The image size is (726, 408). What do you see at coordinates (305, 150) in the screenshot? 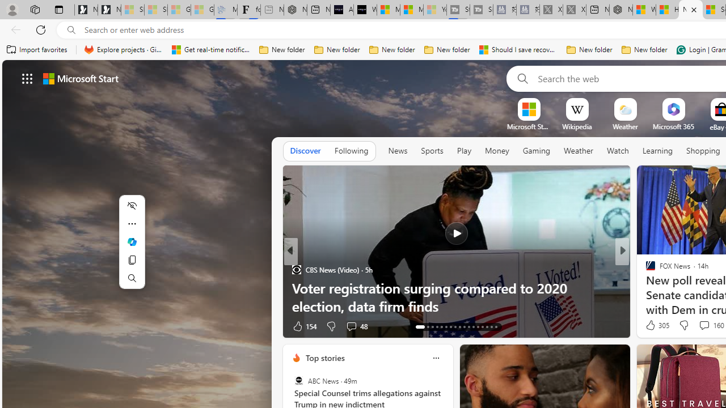
I see `'Discover'` at bounding box center [305, 150].